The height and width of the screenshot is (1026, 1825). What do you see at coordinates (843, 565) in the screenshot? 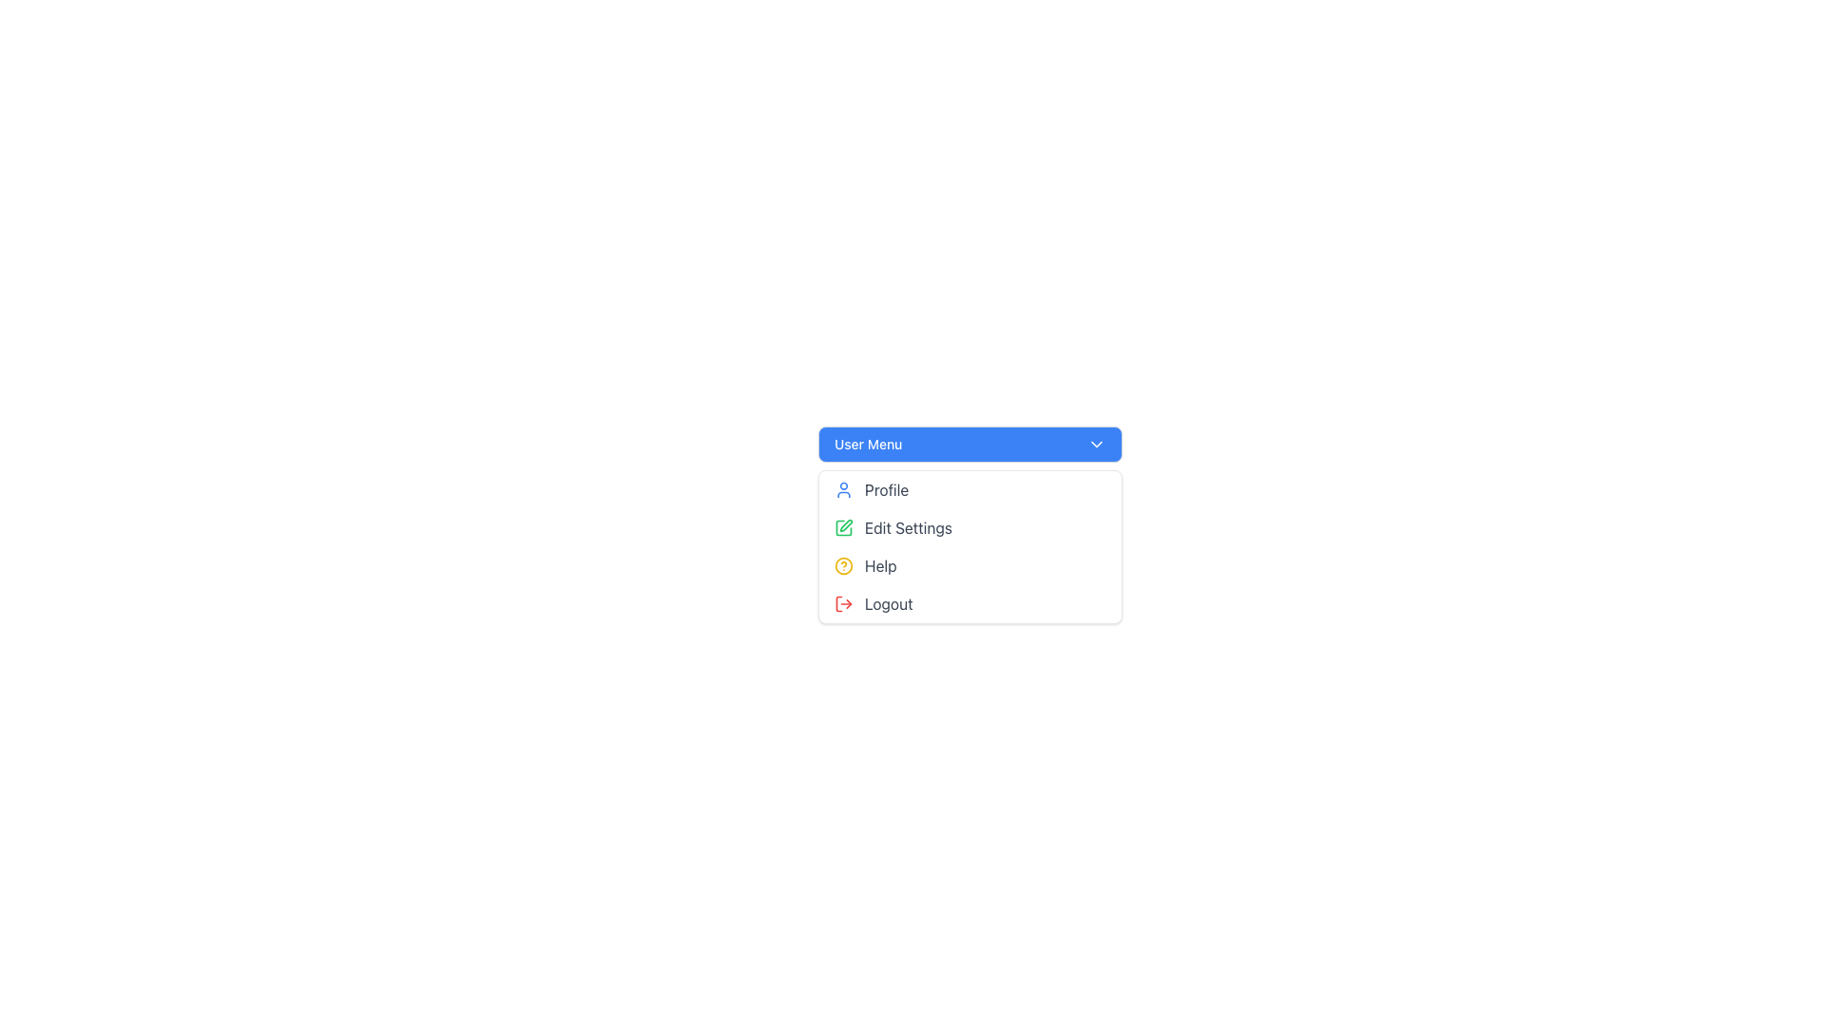
I see `the circular question mark icon with a yellow outline, located in the 'Help' menu item of the 'User Menu'` at bounding box center [843, 565].